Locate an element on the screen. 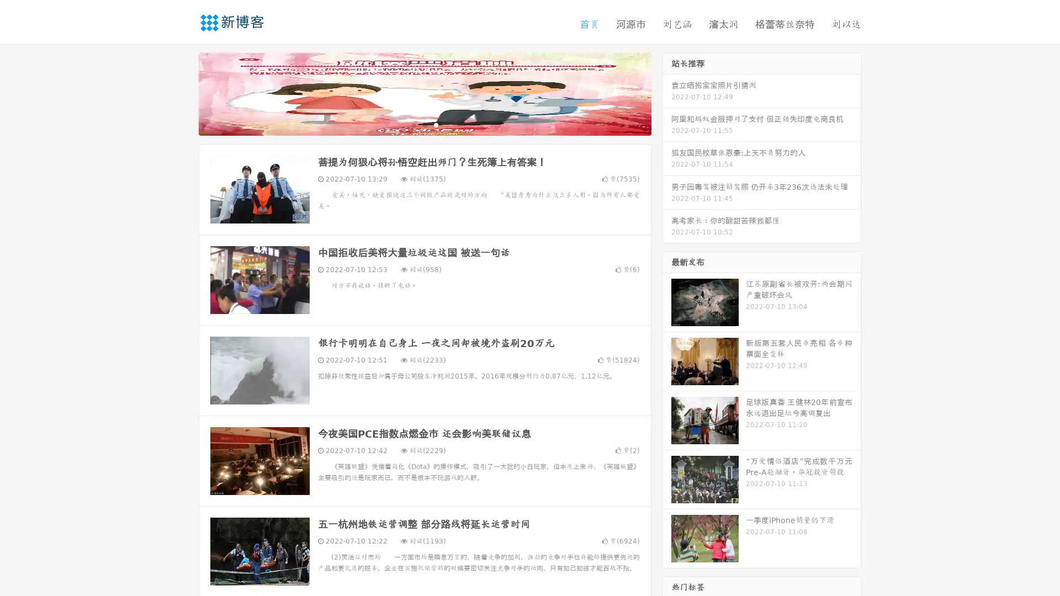  Go to slide 1 is located at coordinates (413, 124).